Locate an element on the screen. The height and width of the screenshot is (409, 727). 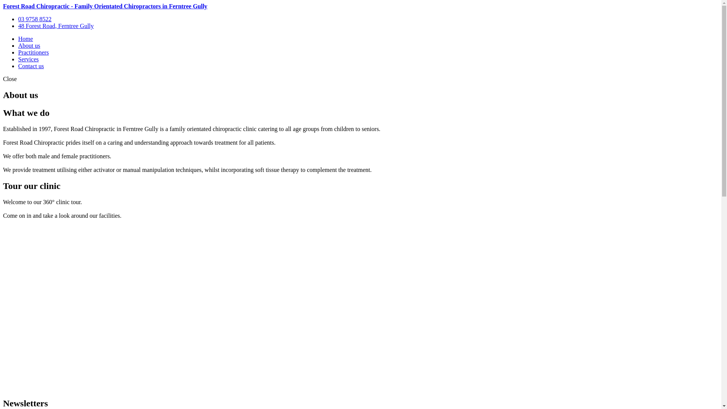
'Contact us' is located at coordinates (30, 66).